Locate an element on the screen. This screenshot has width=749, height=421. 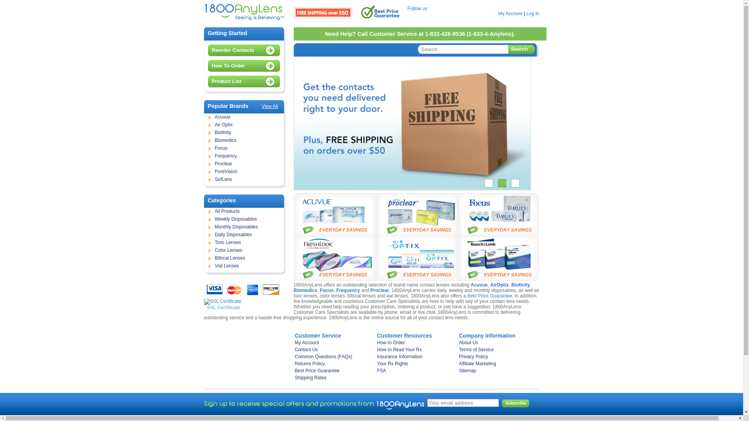
'Daily Disposables' is located at coordinates (243, 234).